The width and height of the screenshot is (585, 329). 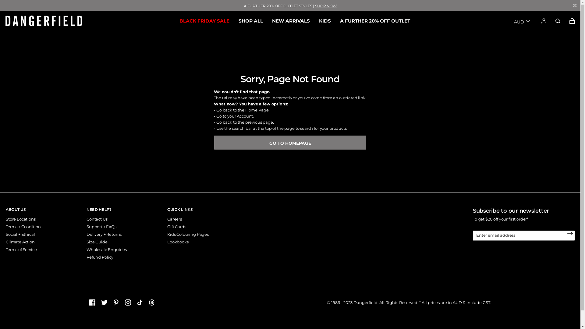 What do you see at coordinates (178, 242) in the screenshot?
I see `'Lookbooks'` at bounding box center [178, 242].